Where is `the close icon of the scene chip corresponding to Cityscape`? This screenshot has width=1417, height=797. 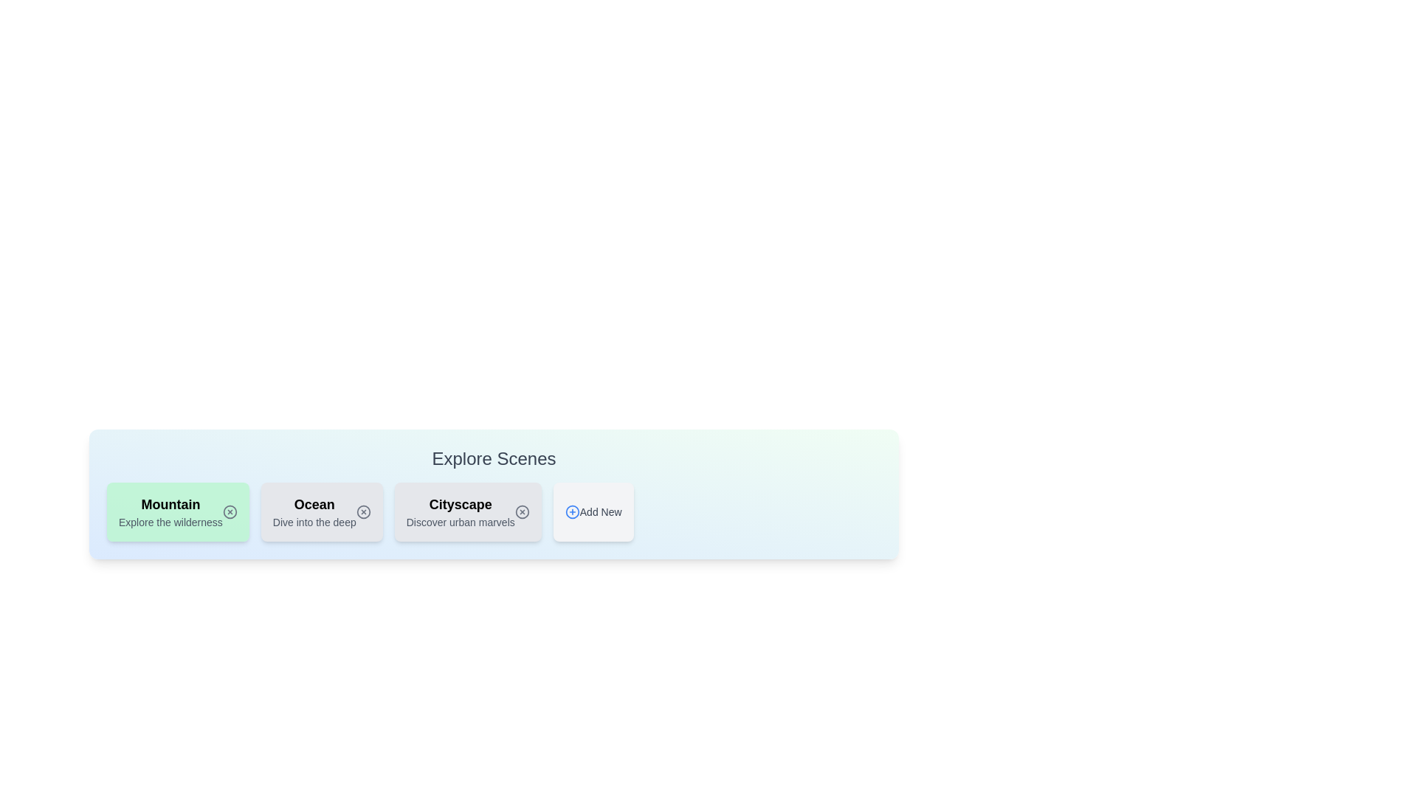 the close icon of the scene chip corresponding to Cityscape is located at coordinates (522, 511).